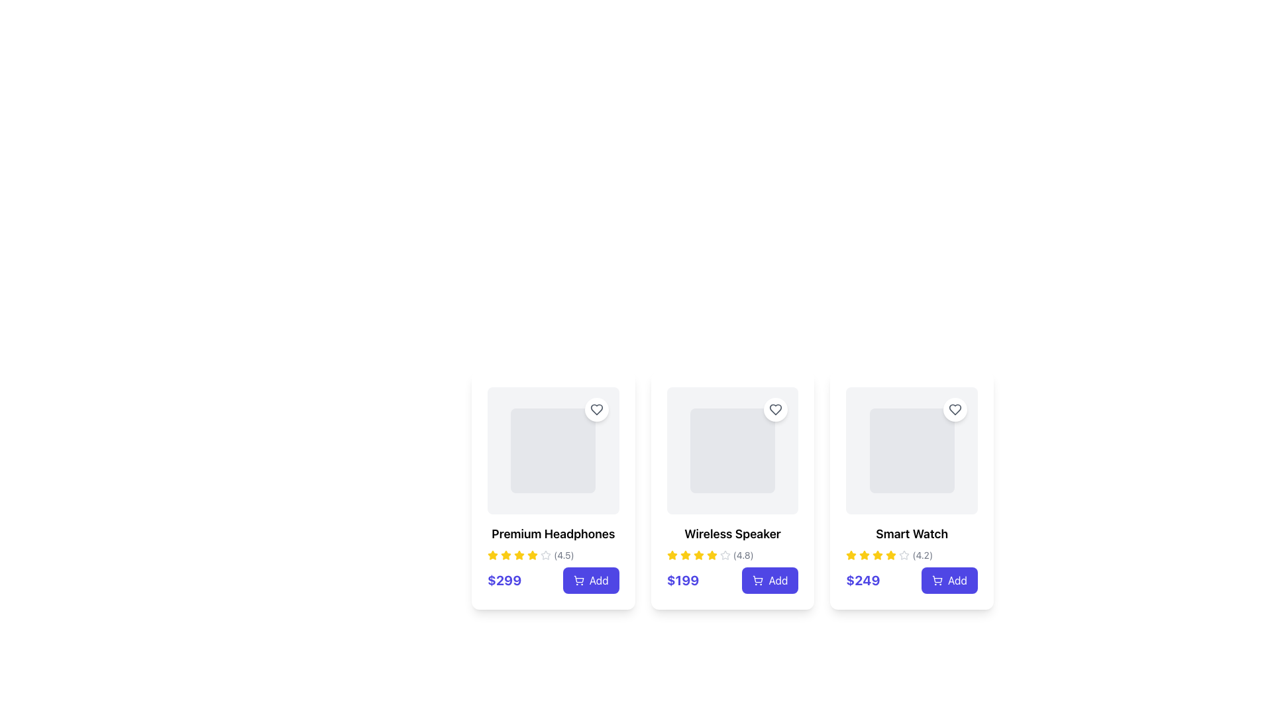 The image size is (1272, 715). What do you see at coordinates (758, 579) in the screenshot?
I see `the shopping cart icon that is inside the 'Add' button at the bottom of the second card representing the 'Wireless Speaker' product` at bounding box center [758, 579].